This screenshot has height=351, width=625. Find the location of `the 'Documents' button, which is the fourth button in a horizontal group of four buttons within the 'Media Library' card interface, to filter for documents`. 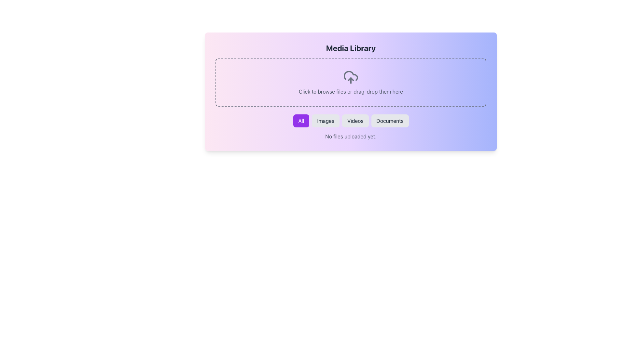

the 'Documents' button, which is the fourth button in a horizontal group of four buttons within the 'Media Library' card interface, to filter for documents is located at coordinates (390, 121).